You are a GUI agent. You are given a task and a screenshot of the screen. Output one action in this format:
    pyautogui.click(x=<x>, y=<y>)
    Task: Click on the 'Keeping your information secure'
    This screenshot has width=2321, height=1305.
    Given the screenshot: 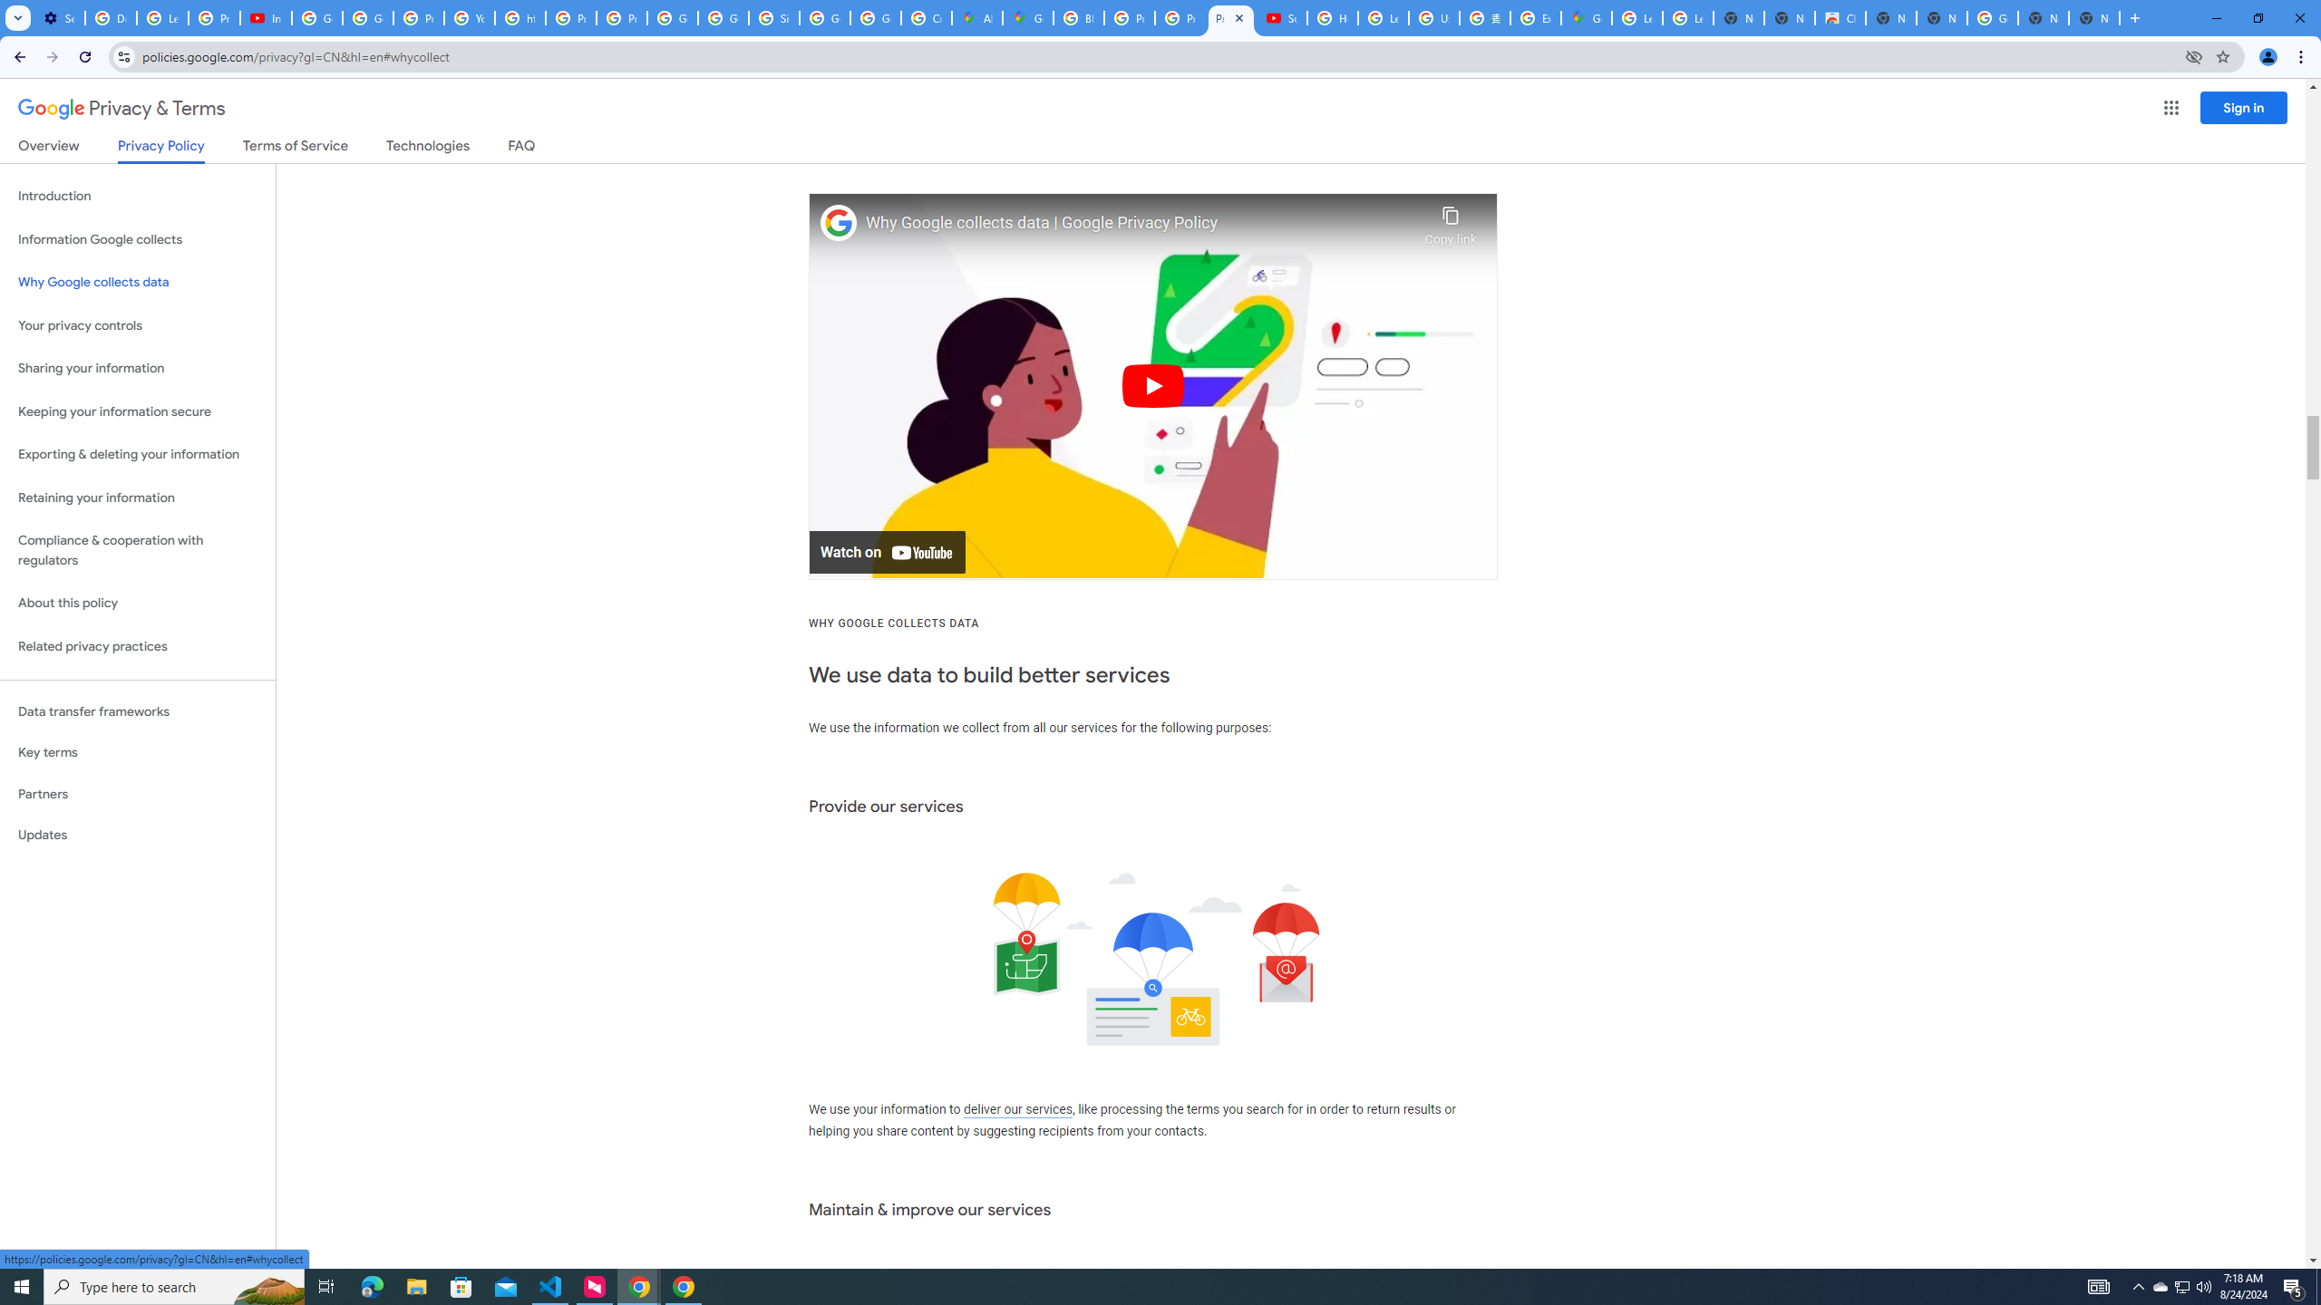 What is the action you would take?
    pyautogui.click(x=137, y=412)
    